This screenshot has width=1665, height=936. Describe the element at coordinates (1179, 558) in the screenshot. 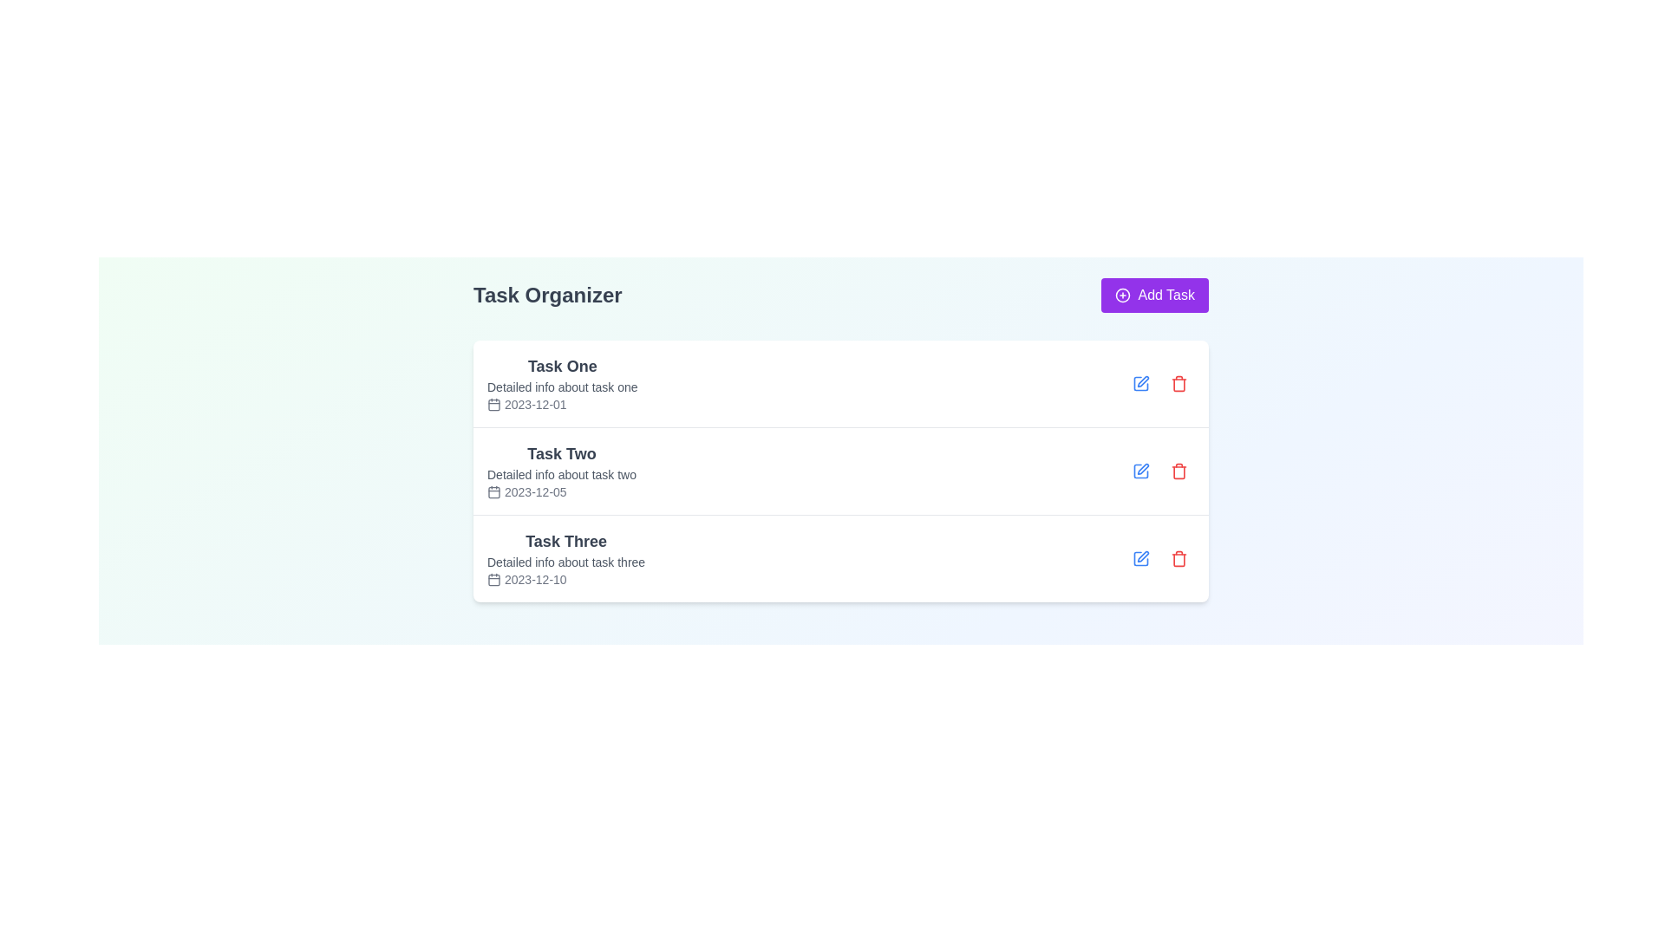

I see `the delete icon associated with 'Task Three'` at that location.